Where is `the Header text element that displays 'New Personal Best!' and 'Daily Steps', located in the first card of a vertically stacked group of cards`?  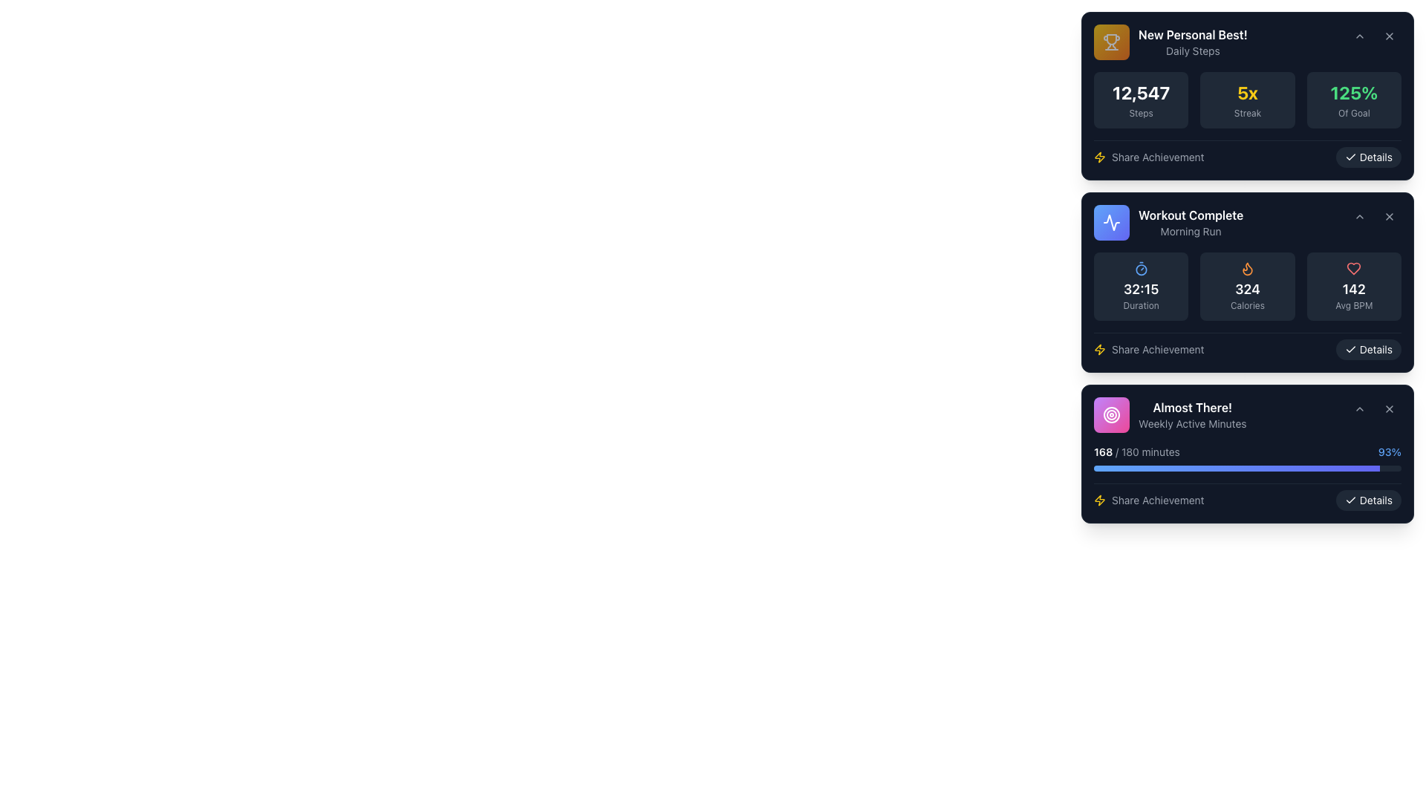
the Header text element that displays 'New Personal Best!' and 'Daily Steps', located in the first card of a vertically stacked group of cards is located at coordinates (1193, 42).